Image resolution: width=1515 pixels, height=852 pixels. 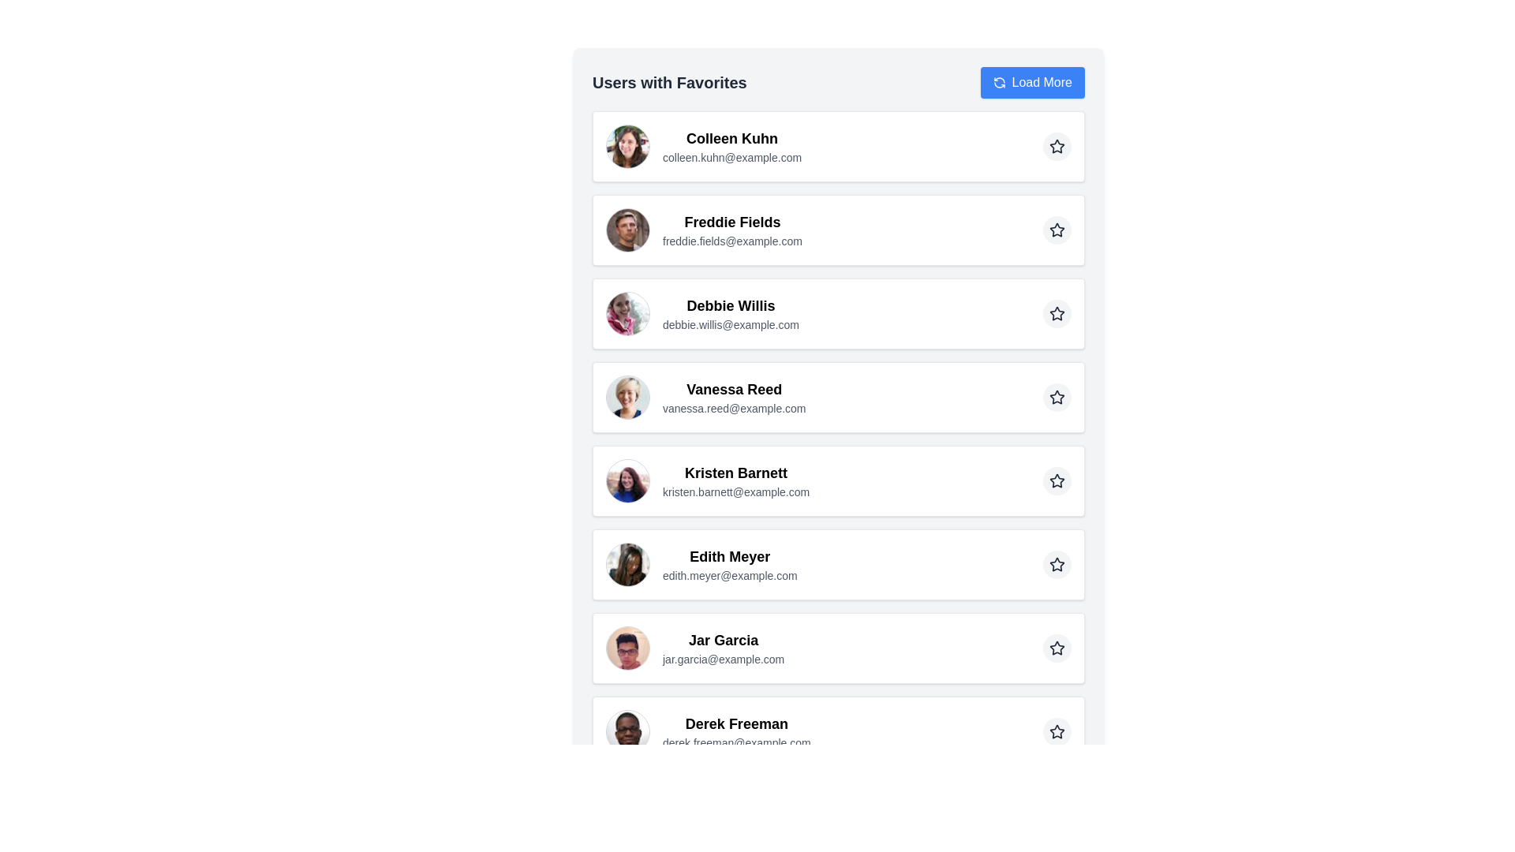 I want to click on the star-shaped icon button for marking Vanessa Reed as a favorite, so click(x=1057, y=397).